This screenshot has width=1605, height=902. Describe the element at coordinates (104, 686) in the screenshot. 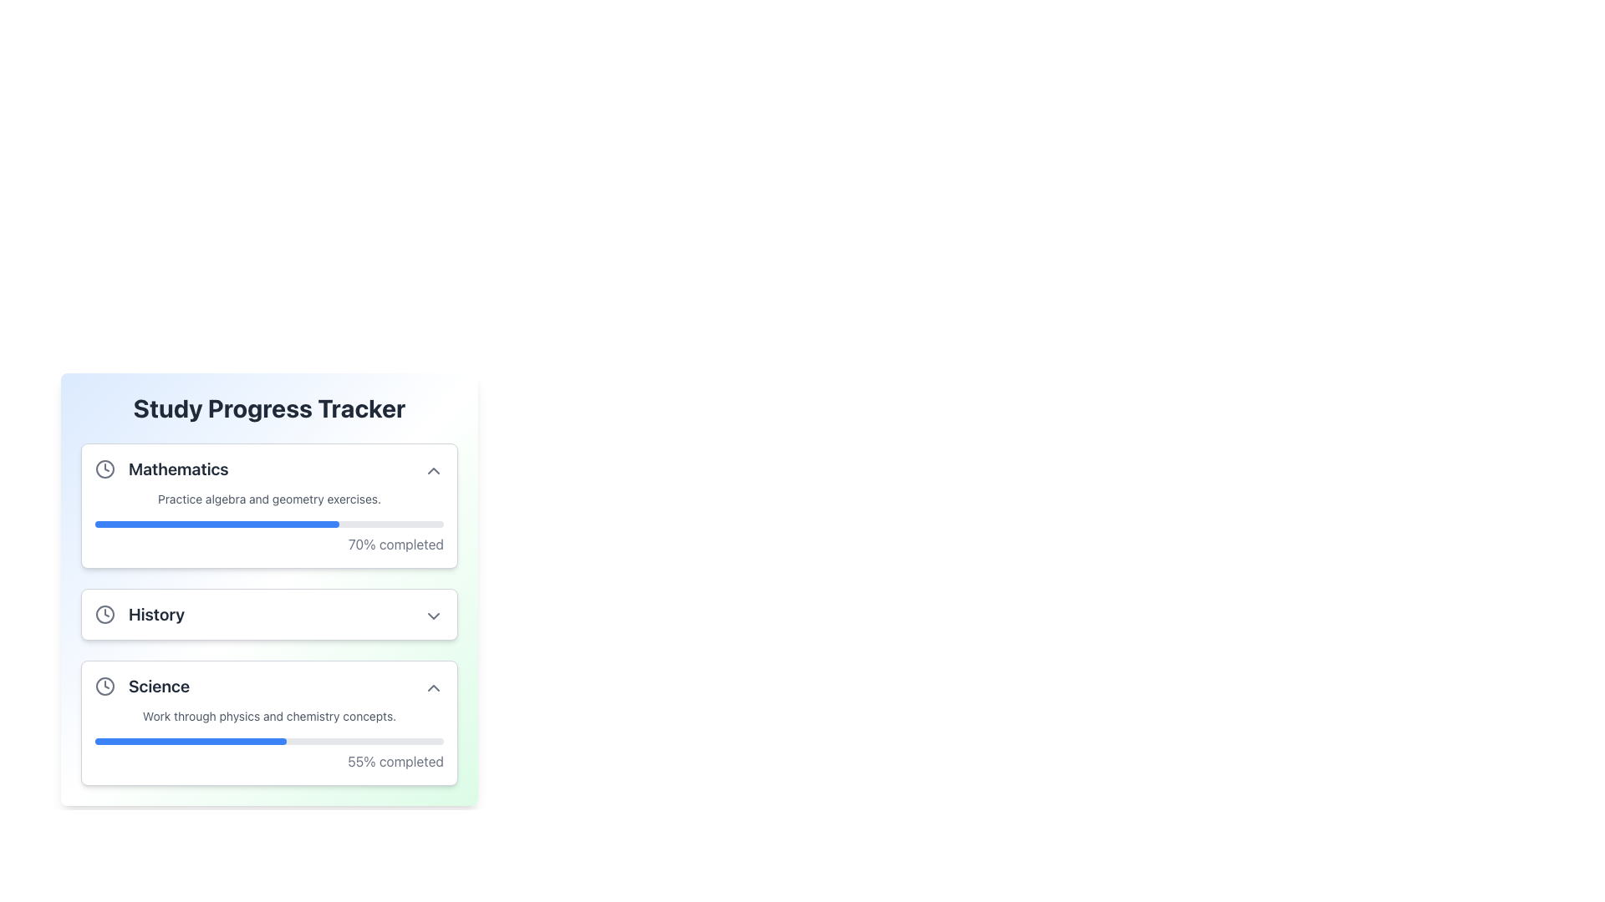

I see `the time-related icon in the Science section, which is the first element in its horizontal row` at that location.